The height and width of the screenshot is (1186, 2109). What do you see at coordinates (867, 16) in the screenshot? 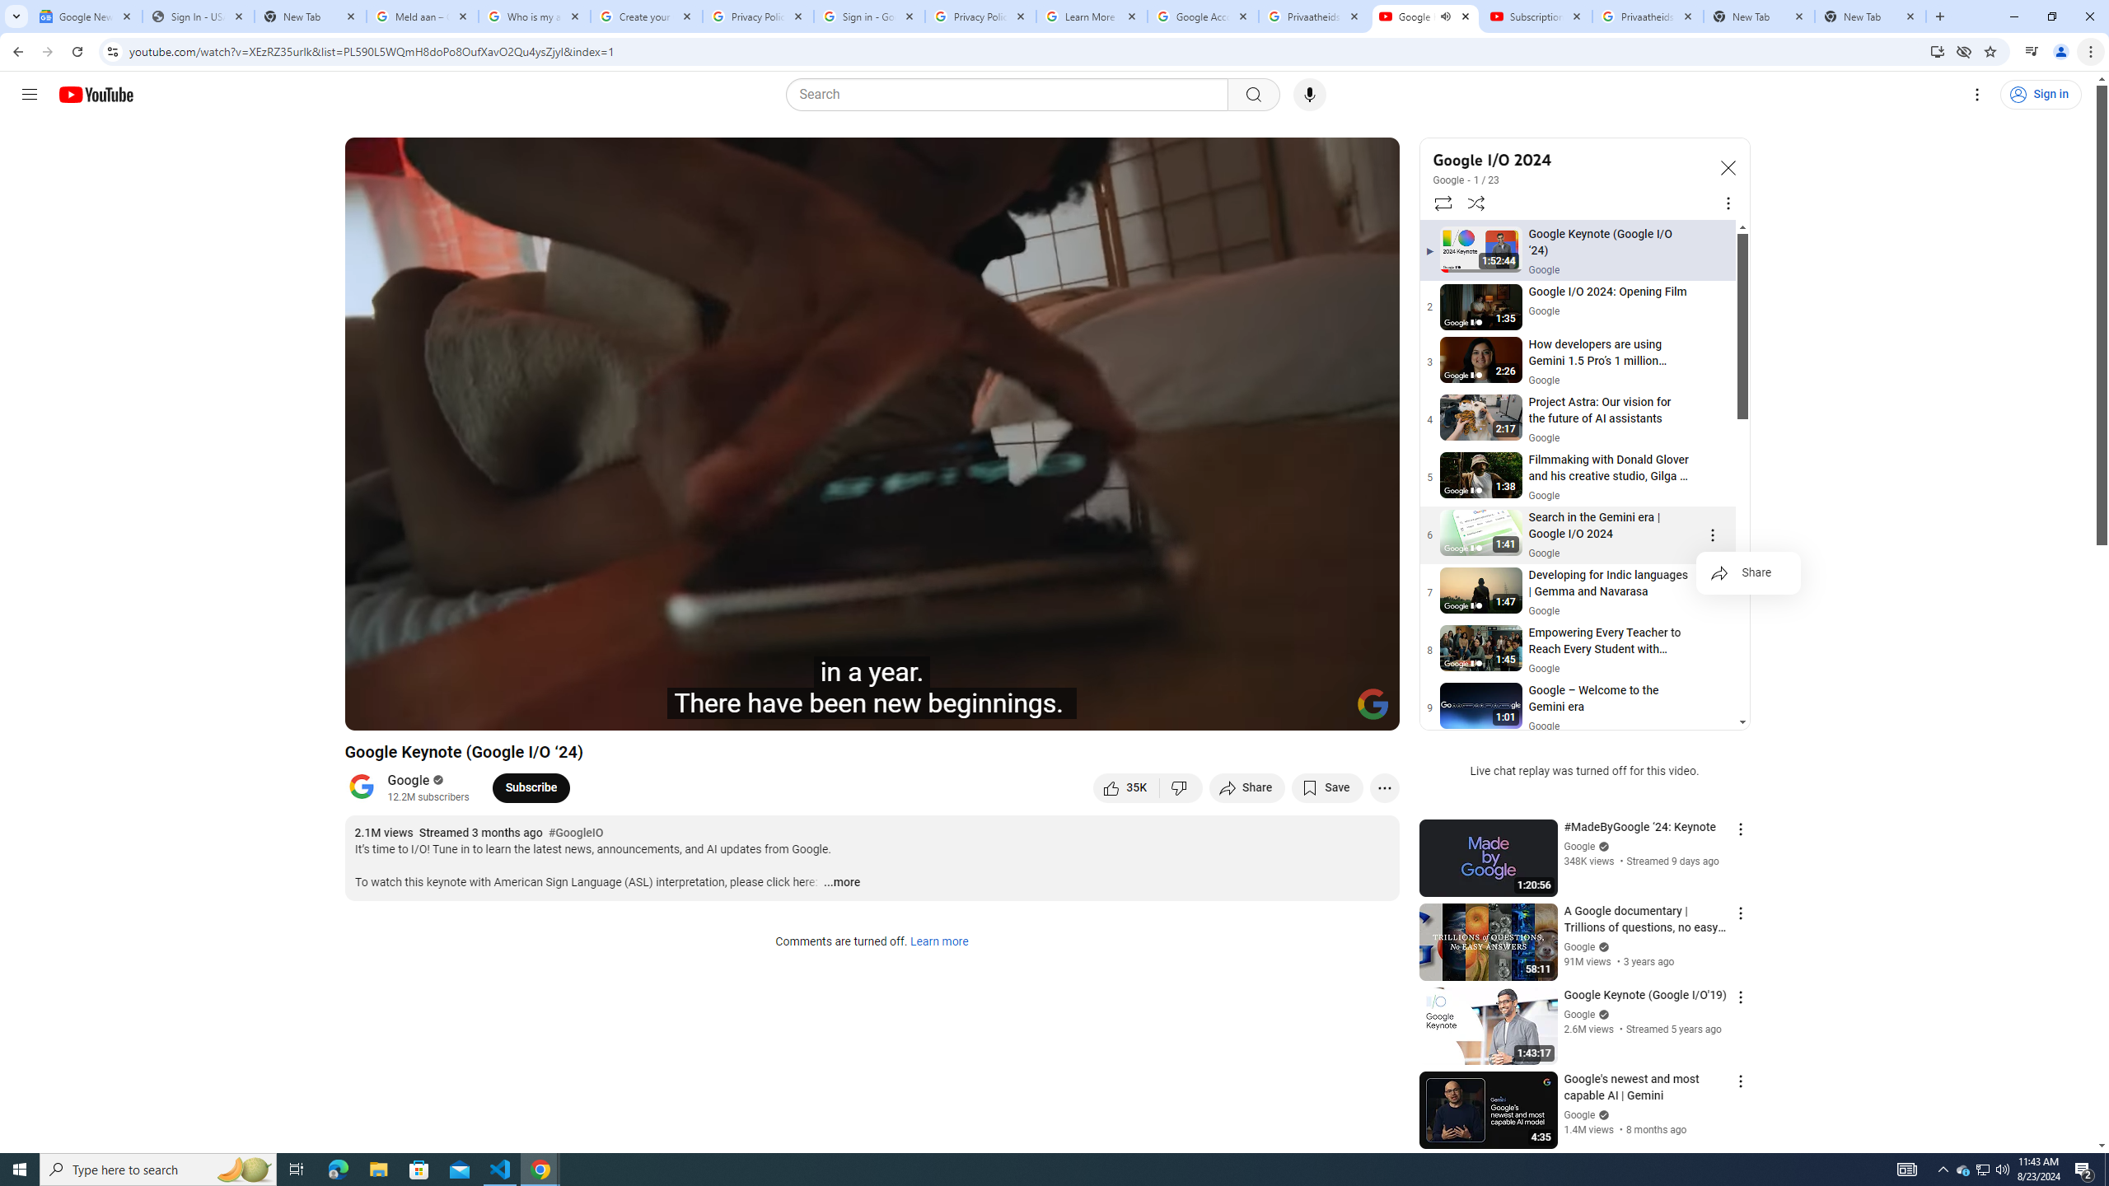
I see `'Sign in - Google Accounts'` at bounding box center [867, 16].